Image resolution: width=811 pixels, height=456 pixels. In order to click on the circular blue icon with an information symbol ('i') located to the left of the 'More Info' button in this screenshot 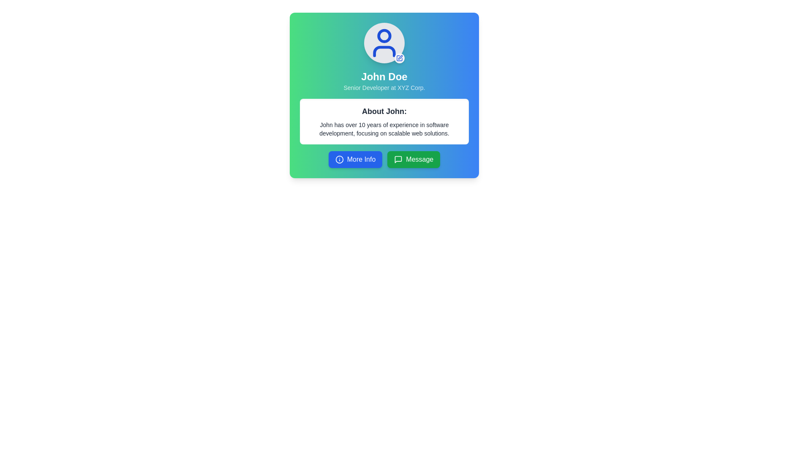, I will do `click(339, 160)`.